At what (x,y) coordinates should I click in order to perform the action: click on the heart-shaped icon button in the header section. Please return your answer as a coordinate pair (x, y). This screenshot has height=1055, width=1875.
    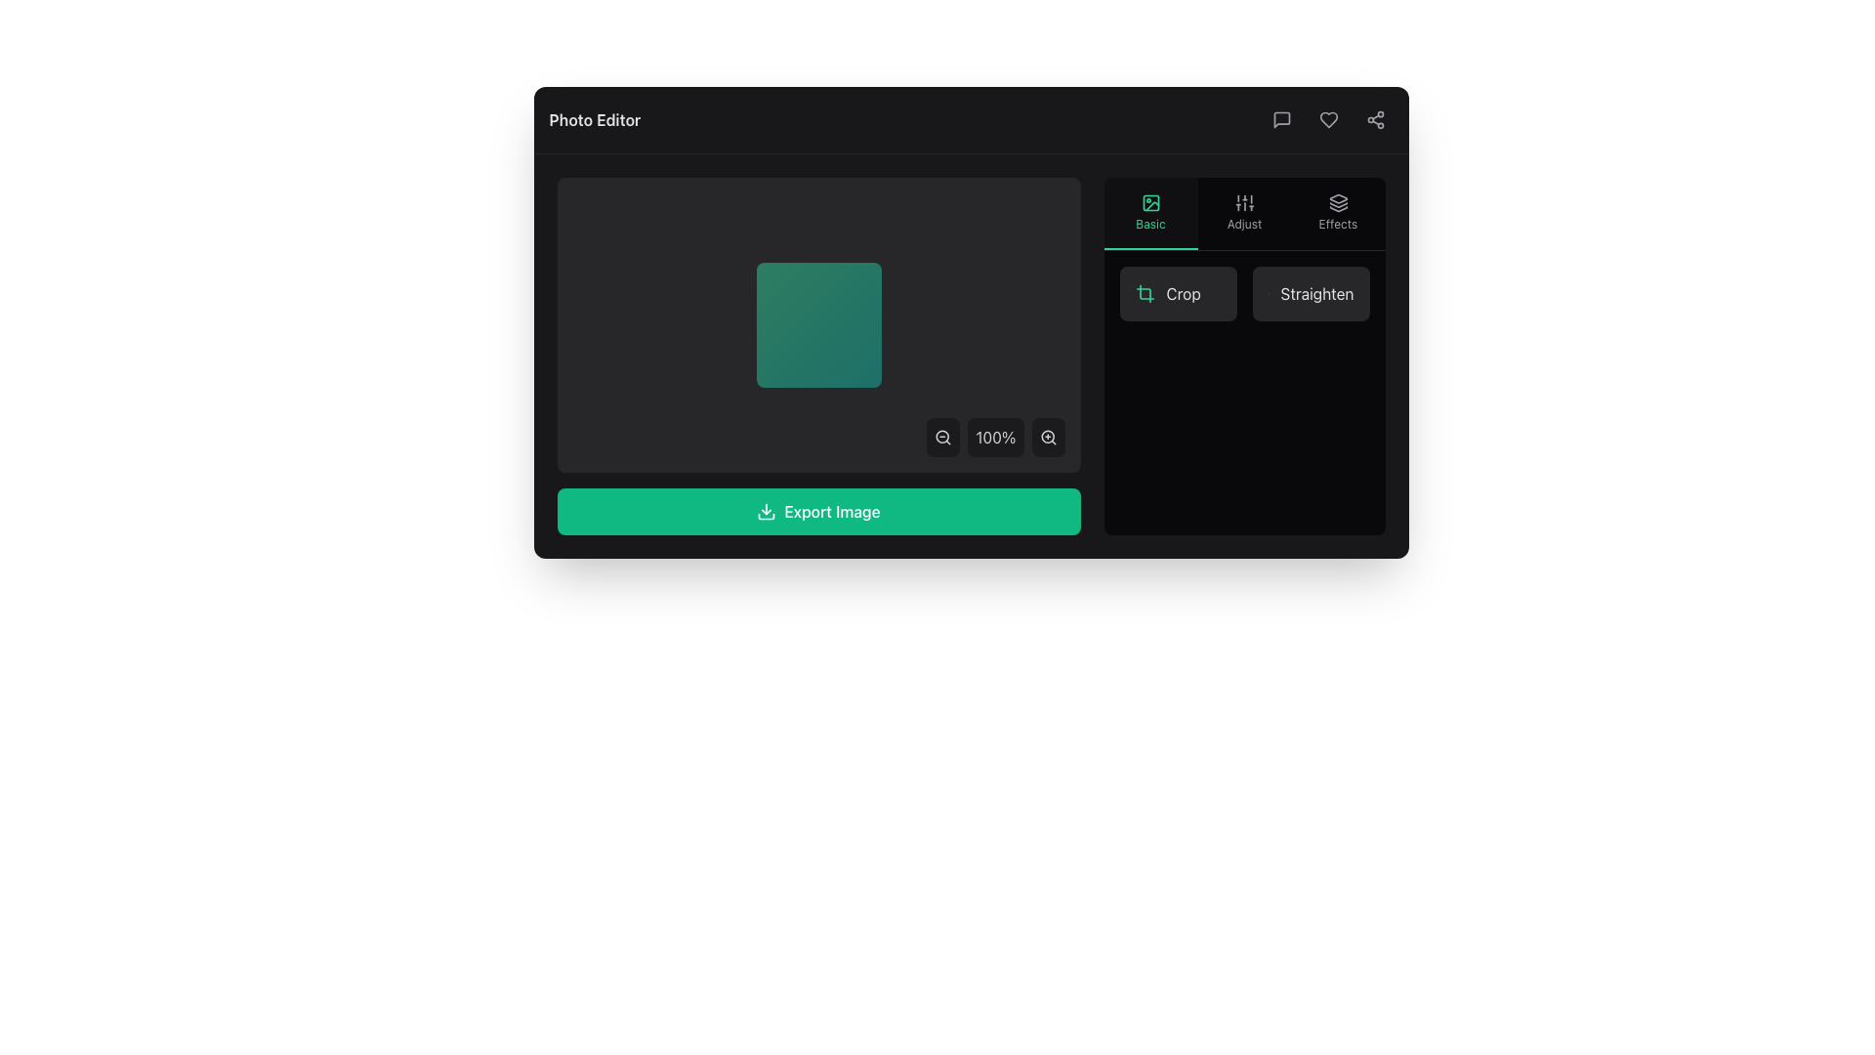
    Looking at the image, I should click on (1328, 120).